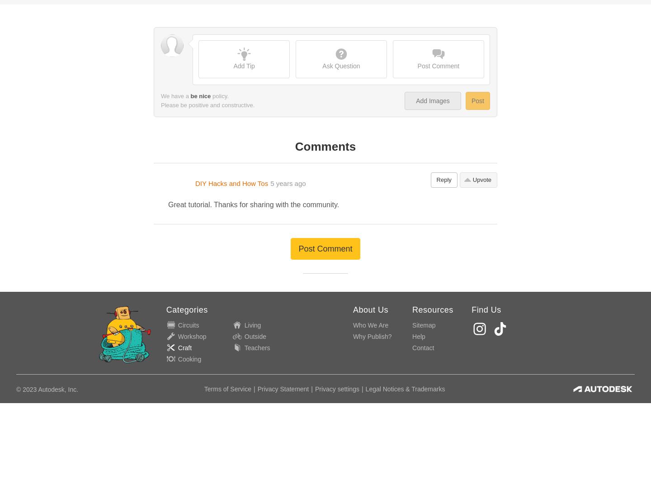 Image resolution: width=651 pixels, height=485 pixels. Describe the element at coordinates (47, 181) in the screenshot. I see `'© 2023 Autodesk, Inc.'` at that location.